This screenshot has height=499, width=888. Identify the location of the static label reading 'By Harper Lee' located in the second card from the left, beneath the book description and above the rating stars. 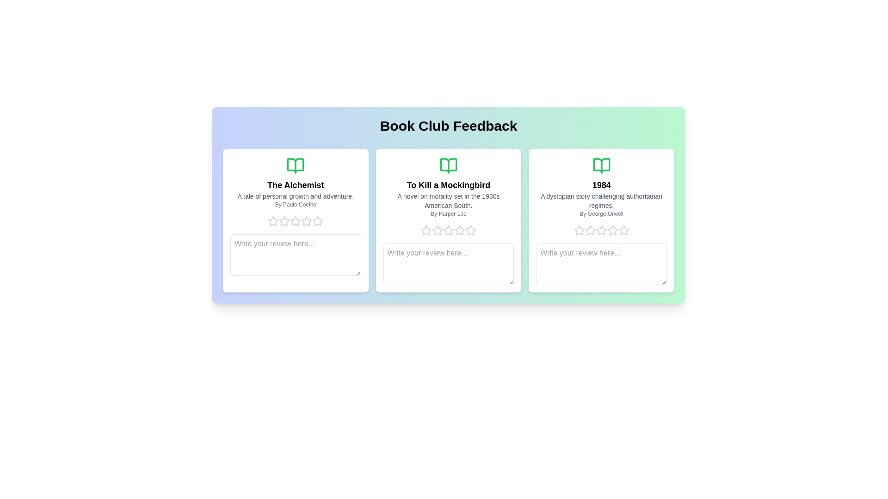
(448, 213).